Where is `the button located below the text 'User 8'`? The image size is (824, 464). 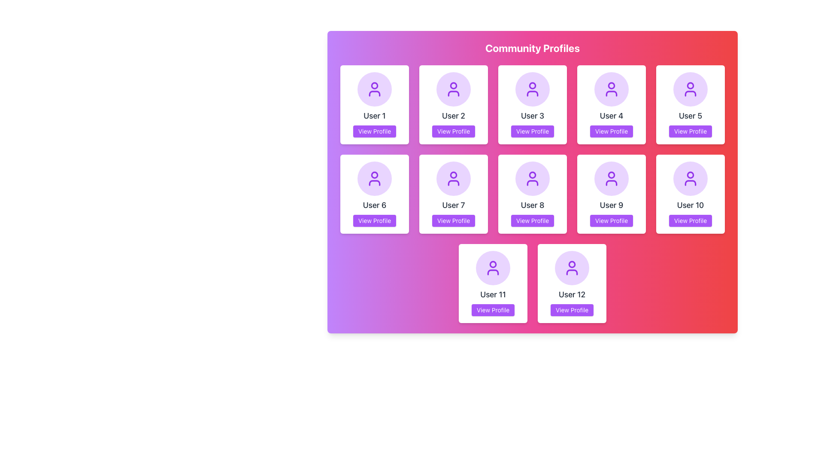 the button located below the text 'User 8' is located at coordinates (532, 220).